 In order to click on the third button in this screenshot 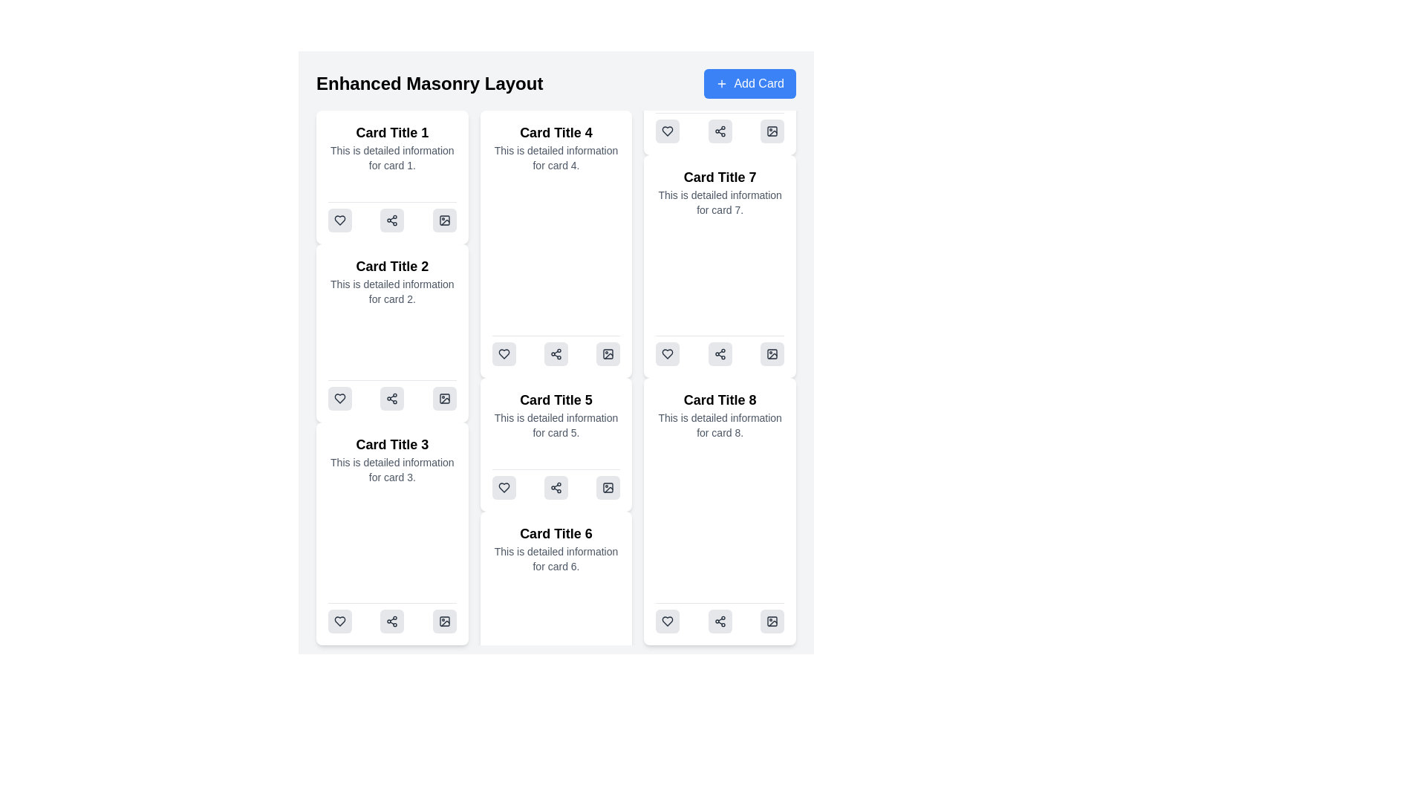, I will do `click(772, 622)`.